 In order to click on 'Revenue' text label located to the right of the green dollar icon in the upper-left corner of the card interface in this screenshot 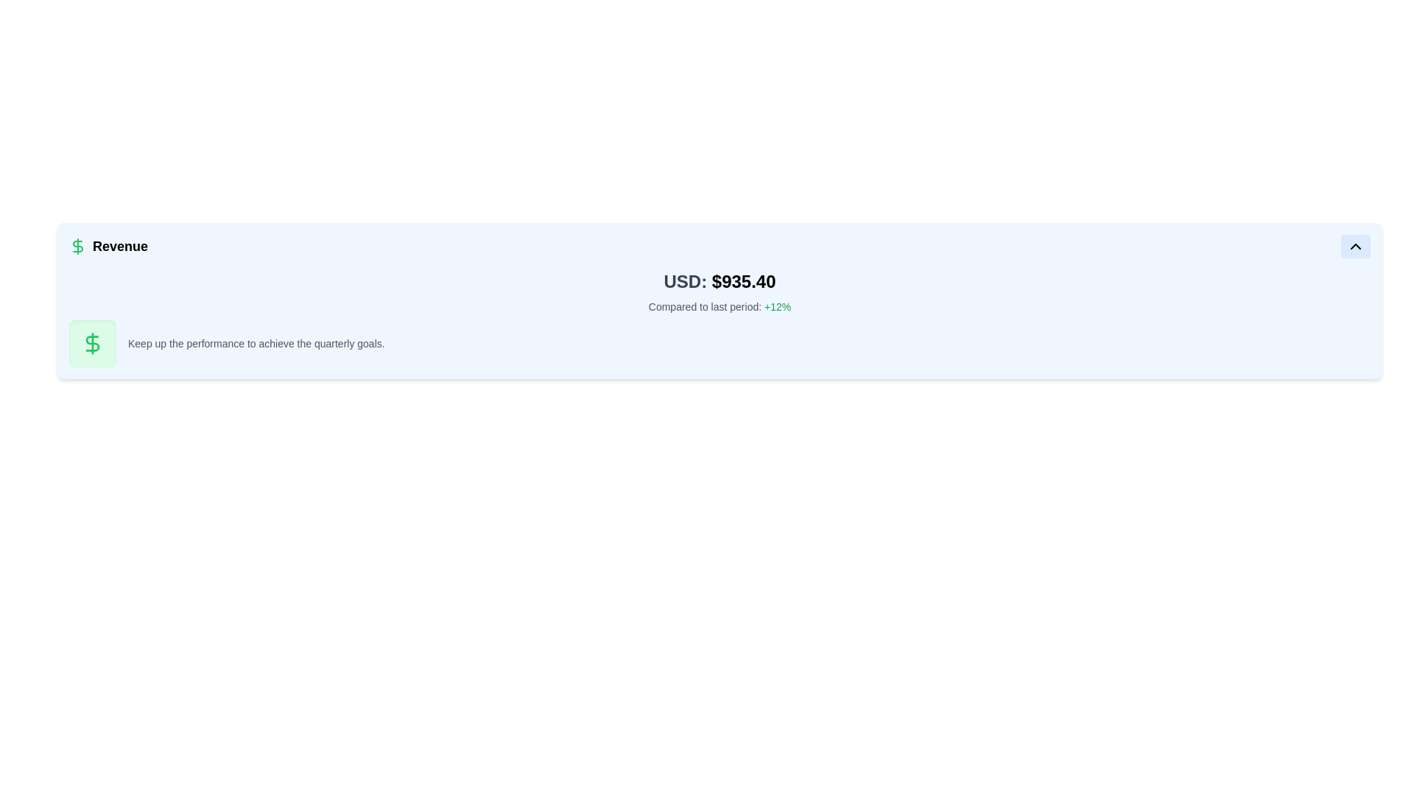, I will do `click(120, 246)`.